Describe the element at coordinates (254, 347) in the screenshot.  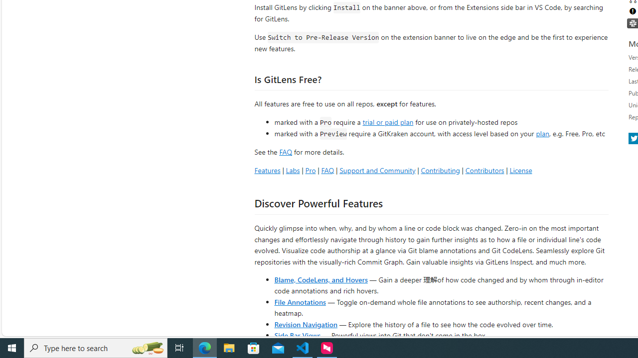
I see `'Microsoft Store'` at that location.